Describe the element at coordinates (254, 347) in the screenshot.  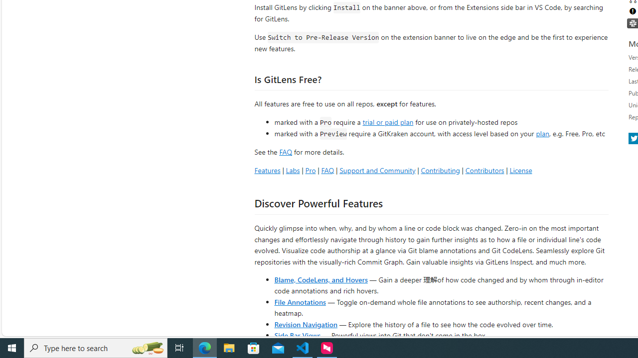
I see `'Microsoft Store'` at that location.